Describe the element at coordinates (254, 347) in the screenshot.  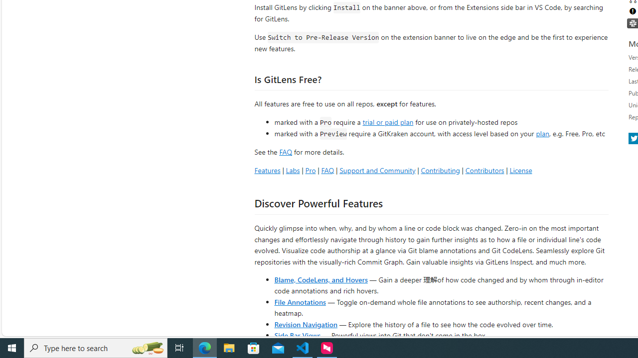
I see `'Microsoft Store'` at that location.